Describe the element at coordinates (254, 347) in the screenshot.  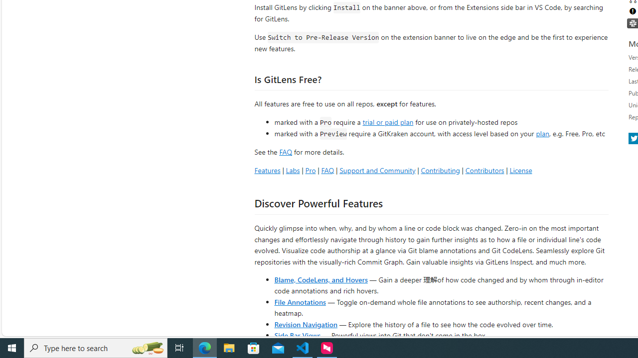
I see `'Microsoft Store'` at that location.